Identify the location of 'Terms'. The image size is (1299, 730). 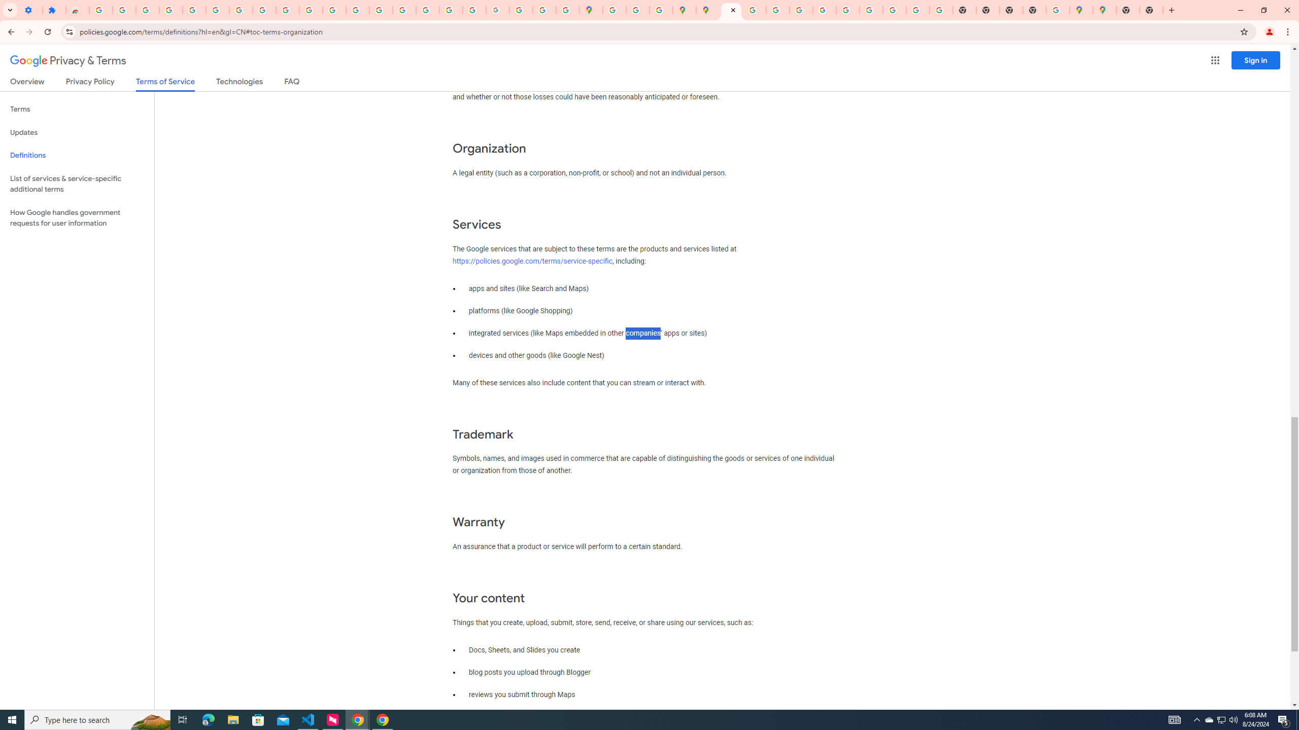
(77, 109).